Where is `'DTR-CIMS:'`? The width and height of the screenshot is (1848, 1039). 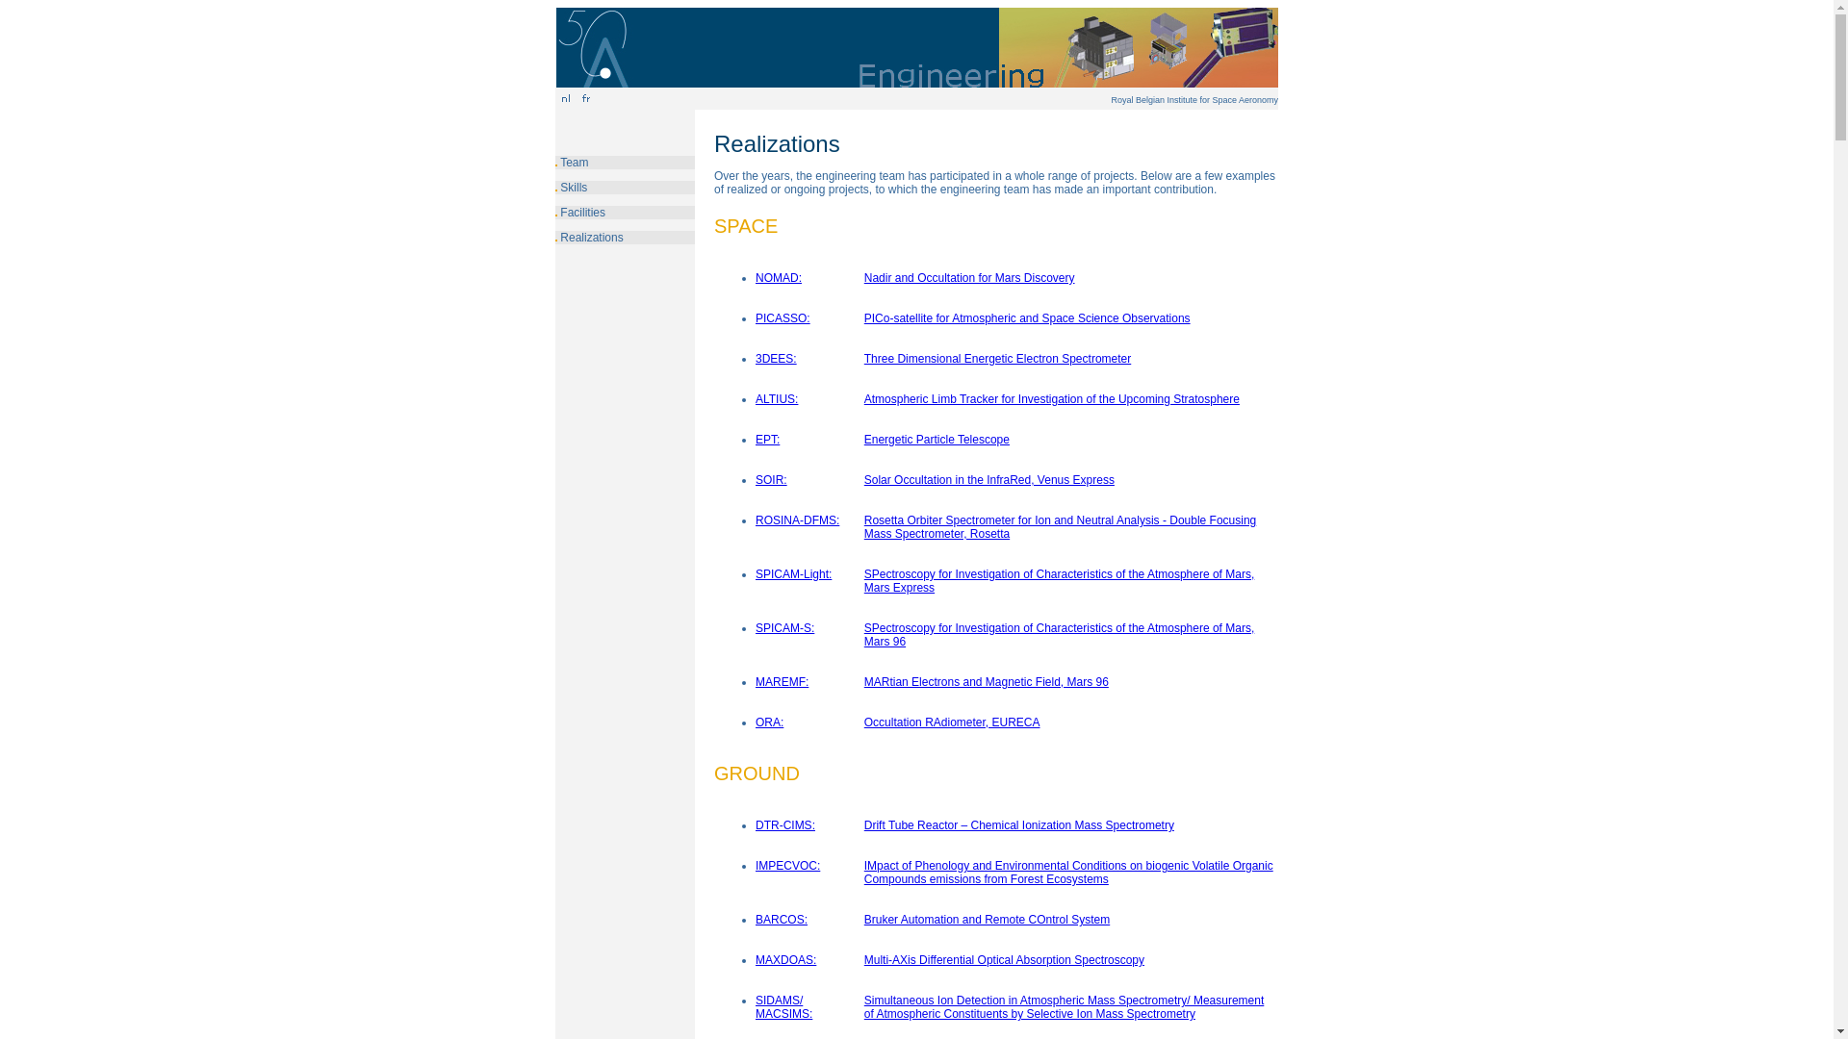
'DTR-CIMS:' is located at coordinates (755, 824).